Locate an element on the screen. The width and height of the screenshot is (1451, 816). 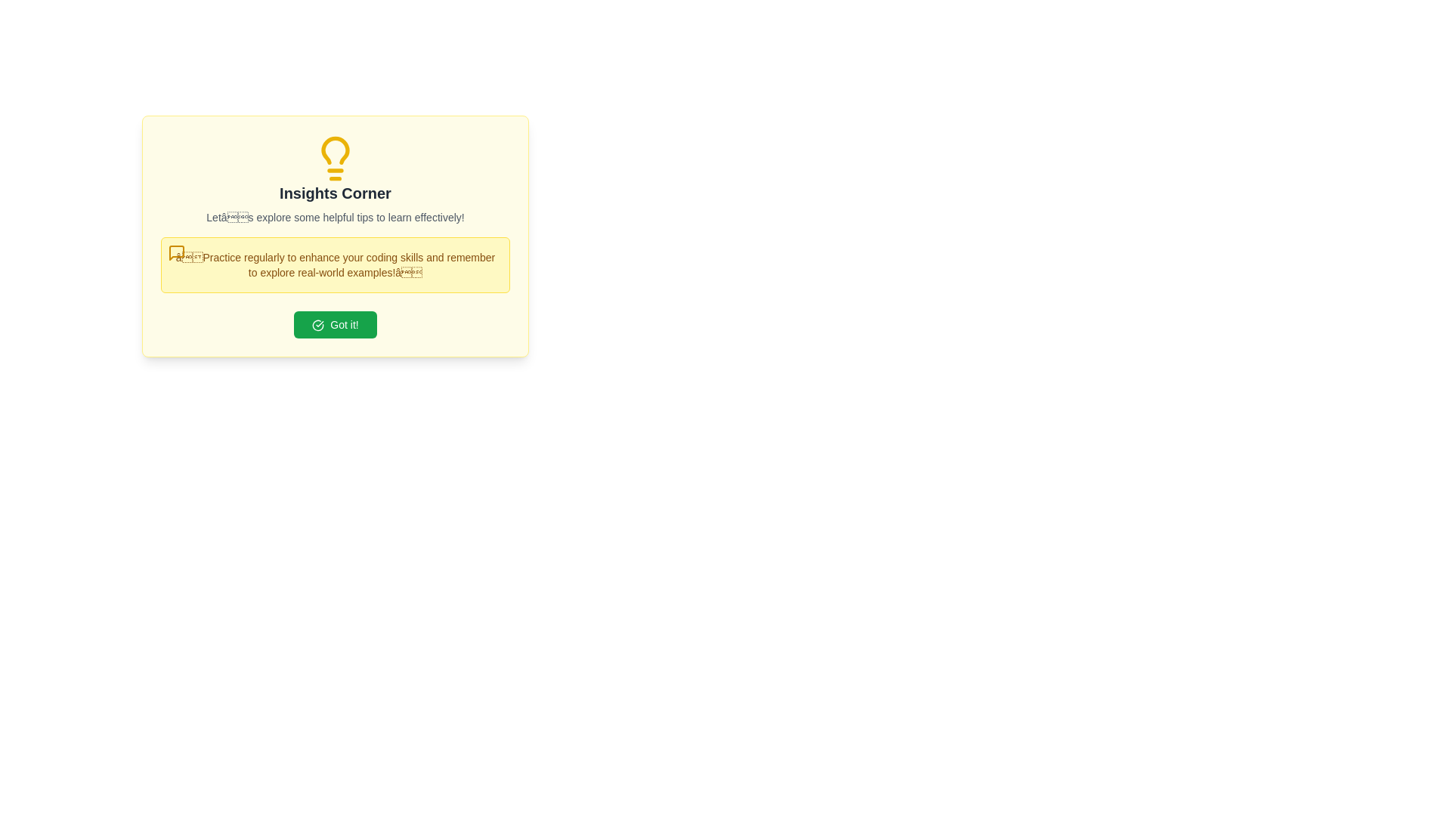
the decorative filament graphic element located at the top-center of the lightbulb icon within a yellow background card is located at coordinates (335, 150).